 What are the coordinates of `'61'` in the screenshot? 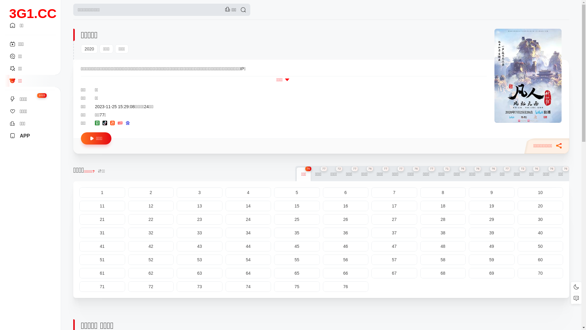 It's located at (102, 273).